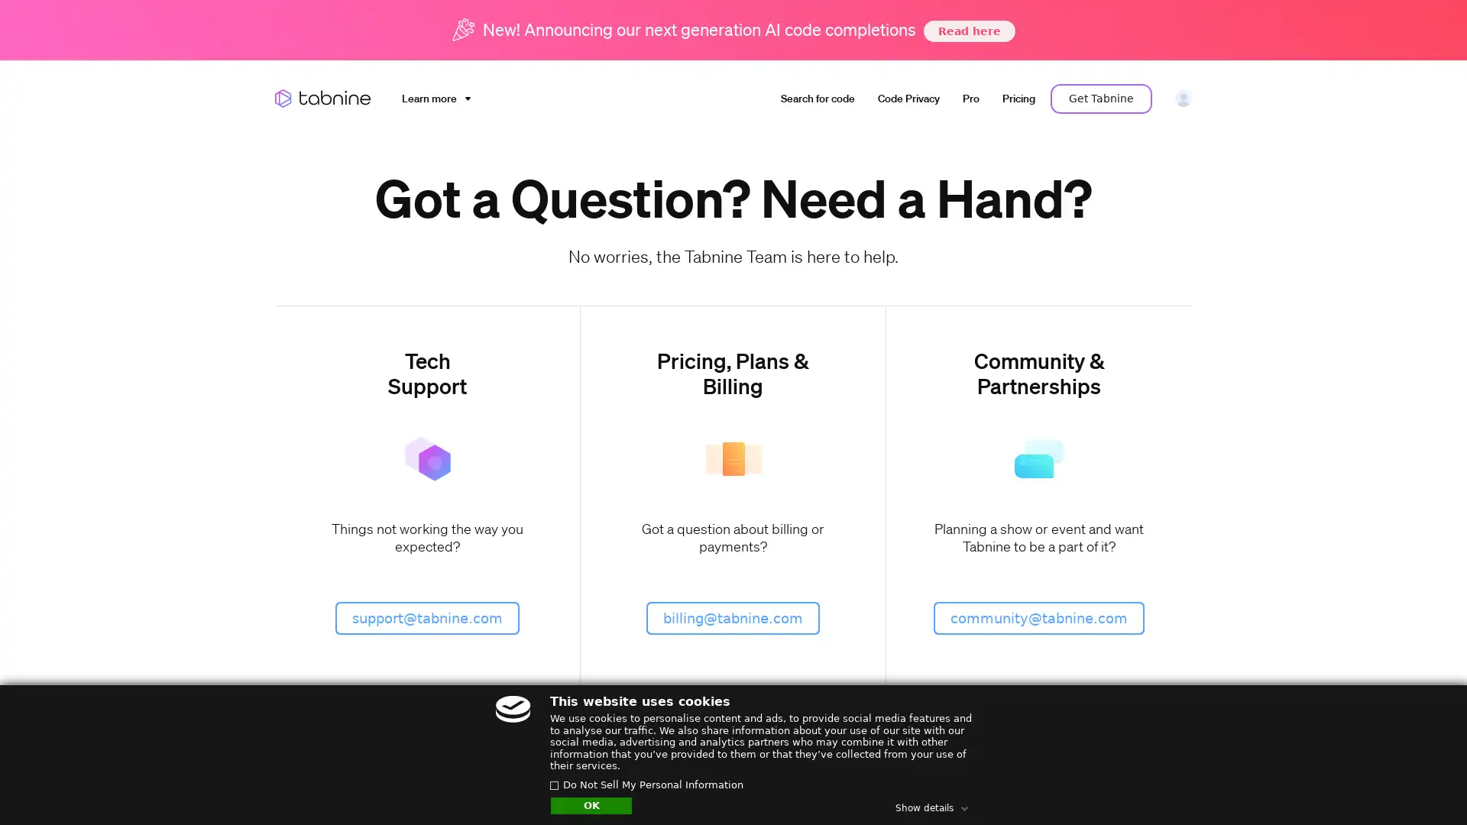 The width and height of the screenshot is (1467, 825). What do you see at coordinates (1101, 98) in the screenshot?
I see `Get Tabnine` at bounding box center [1101, 98].